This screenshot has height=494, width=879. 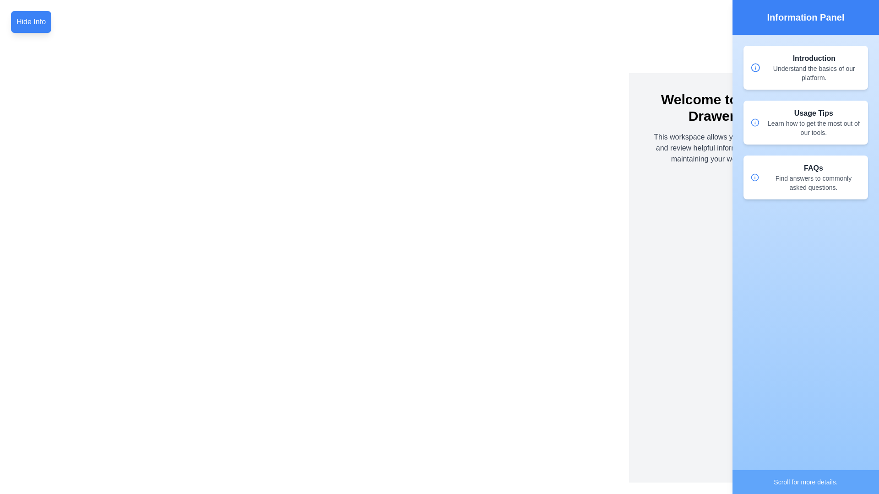 I want to click on the static text label 'FAQs' displayed in bold, dark-gray text within a light blue panel, which is part of the third button component in the 'Information Panel', so click(x=813, y=168).